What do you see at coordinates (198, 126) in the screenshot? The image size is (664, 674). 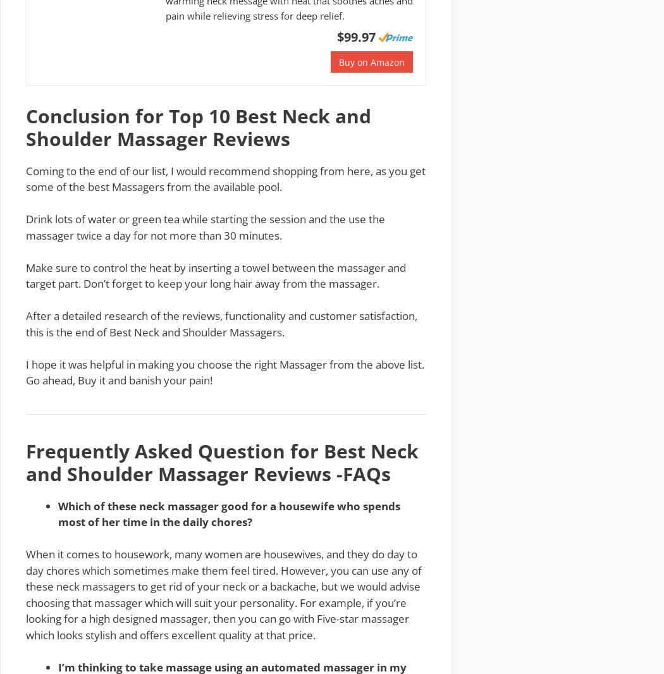 I see `'Conclusion for Top 10 Best Neck and Shoulder Massager Reviews'` at bounding box center [198, 126].